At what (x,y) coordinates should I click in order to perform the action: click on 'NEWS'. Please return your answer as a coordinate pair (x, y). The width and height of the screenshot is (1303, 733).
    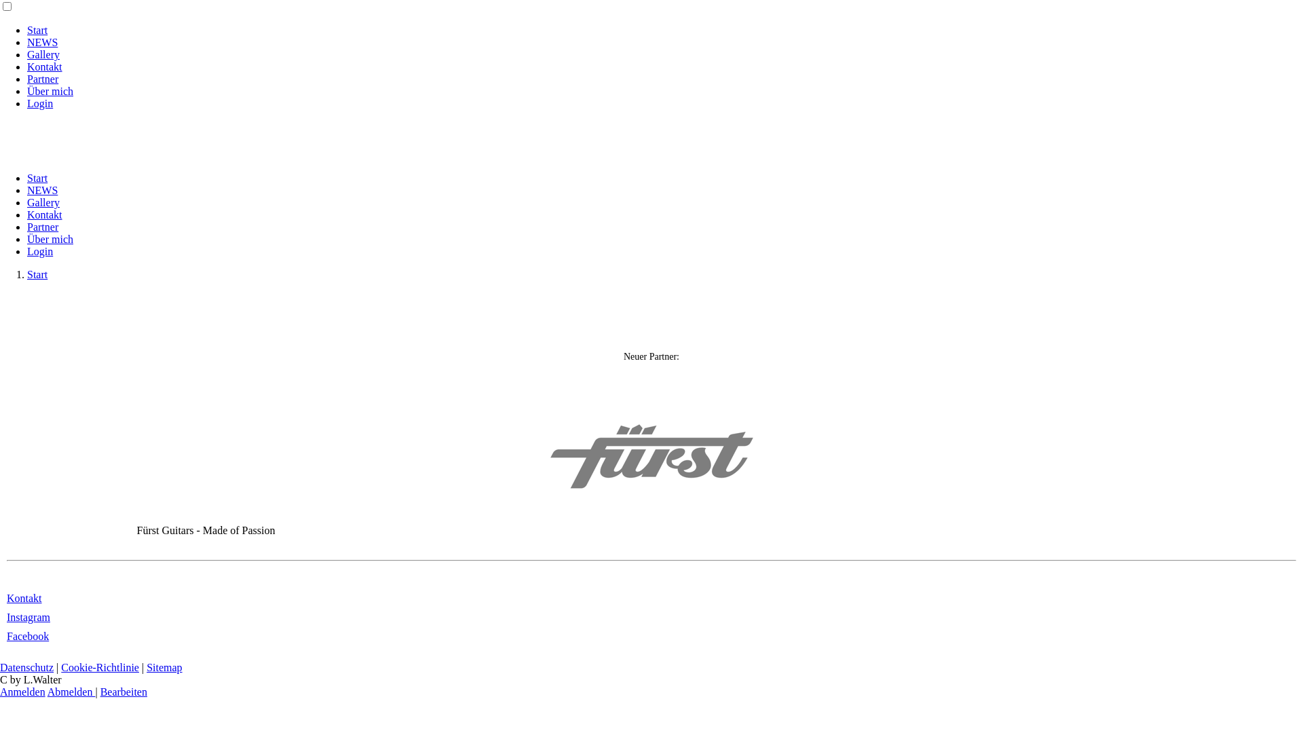
    Looking at the image, I should click on (26, 41).